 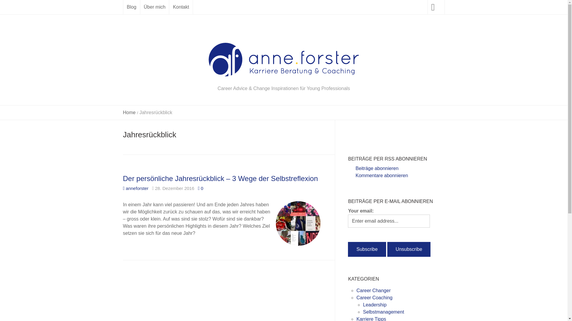 What do you see at coordinates (366, 249) in the screenshot?
I see `'Subscribe'` at bounding box center [366, 249].